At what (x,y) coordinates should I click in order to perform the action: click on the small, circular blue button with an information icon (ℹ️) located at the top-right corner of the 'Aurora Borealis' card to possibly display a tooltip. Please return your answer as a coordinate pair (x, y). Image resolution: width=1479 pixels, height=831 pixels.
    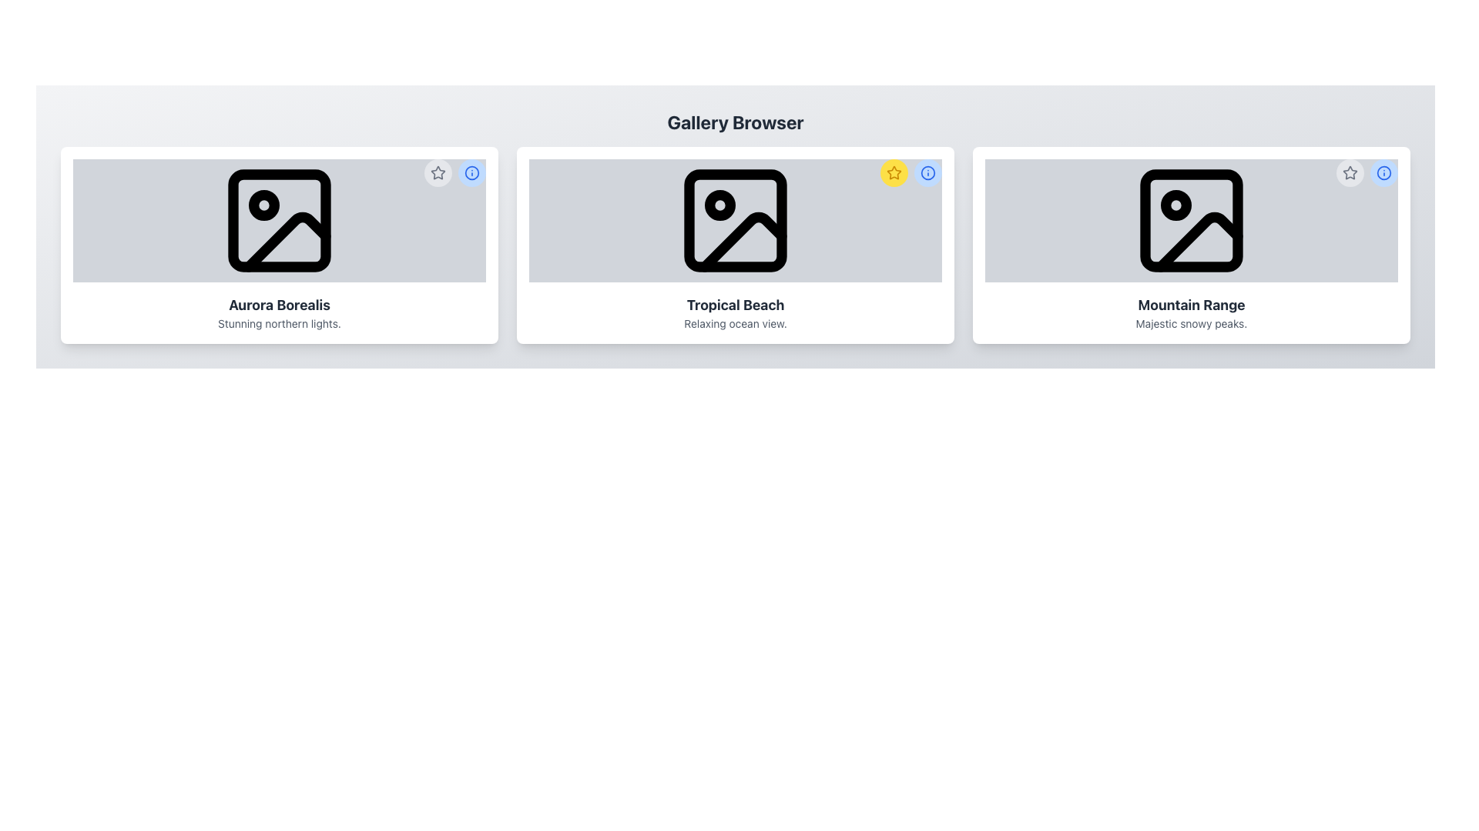
    Looking at the image, I should click on (471, 172).